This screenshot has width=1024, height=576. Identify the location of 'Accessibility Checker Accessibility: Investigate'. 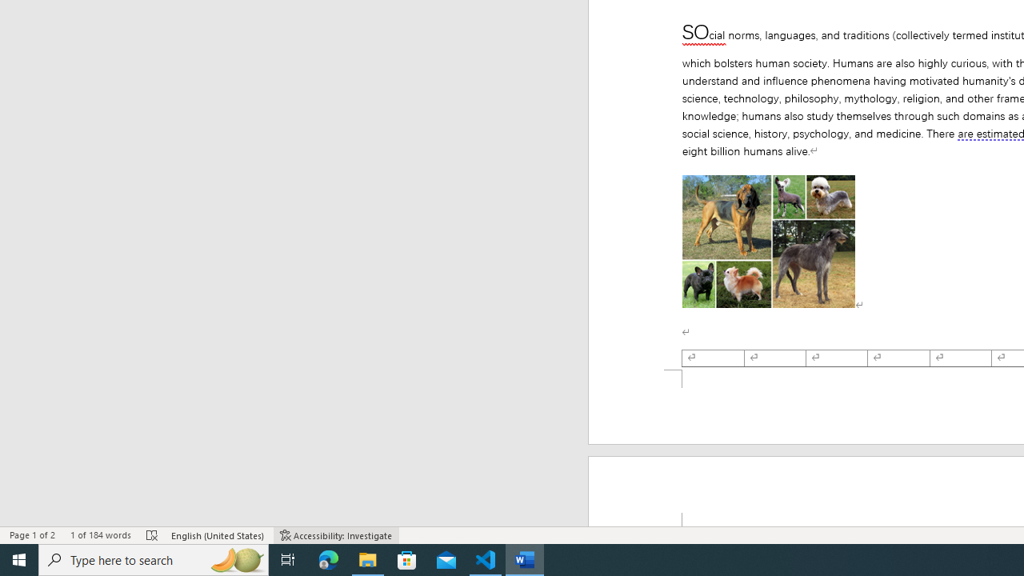
(335, 535).